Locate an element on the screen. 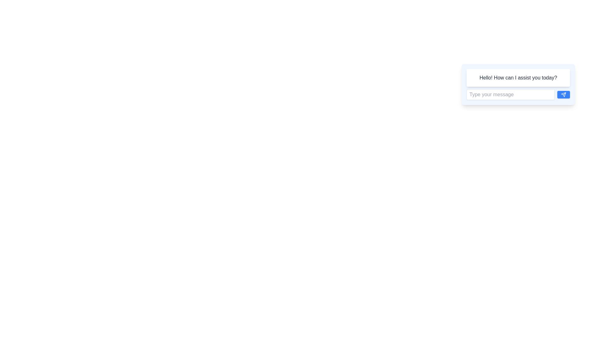 Image resolution: width=609 pixels, height=342 pixels. the message submission button located at the right end of the chat interface to observe its hover state is located at coordinates (563, 95).